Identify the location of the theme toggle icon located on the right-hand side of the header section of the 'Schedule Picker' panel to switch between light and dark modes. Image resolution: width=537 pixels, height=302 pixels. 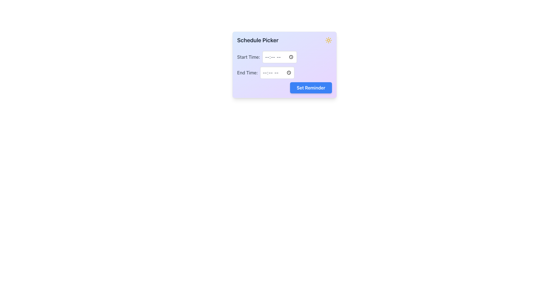
(329, 40).